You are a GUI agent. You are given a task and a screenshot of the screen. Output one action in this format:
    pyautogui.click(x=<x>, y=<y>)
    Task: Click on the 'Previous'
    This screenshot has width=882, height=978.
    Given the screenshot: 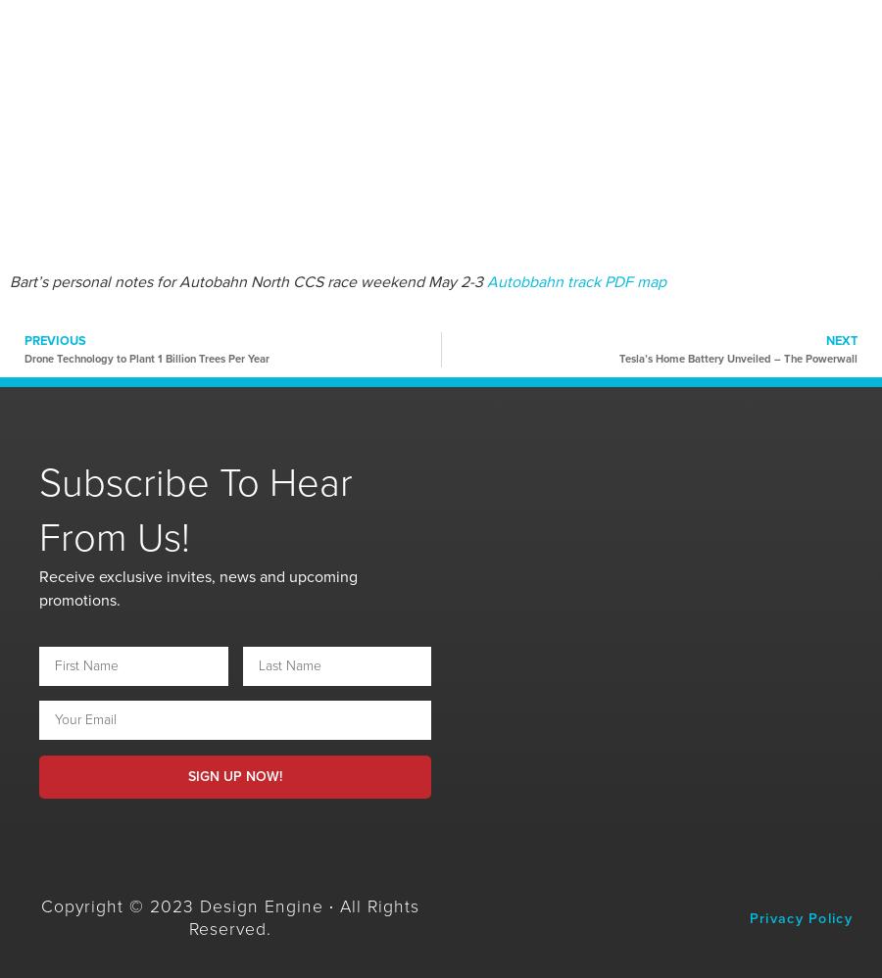 What is the action you would take?
    pyautogui.click(x=54, y=341)
    